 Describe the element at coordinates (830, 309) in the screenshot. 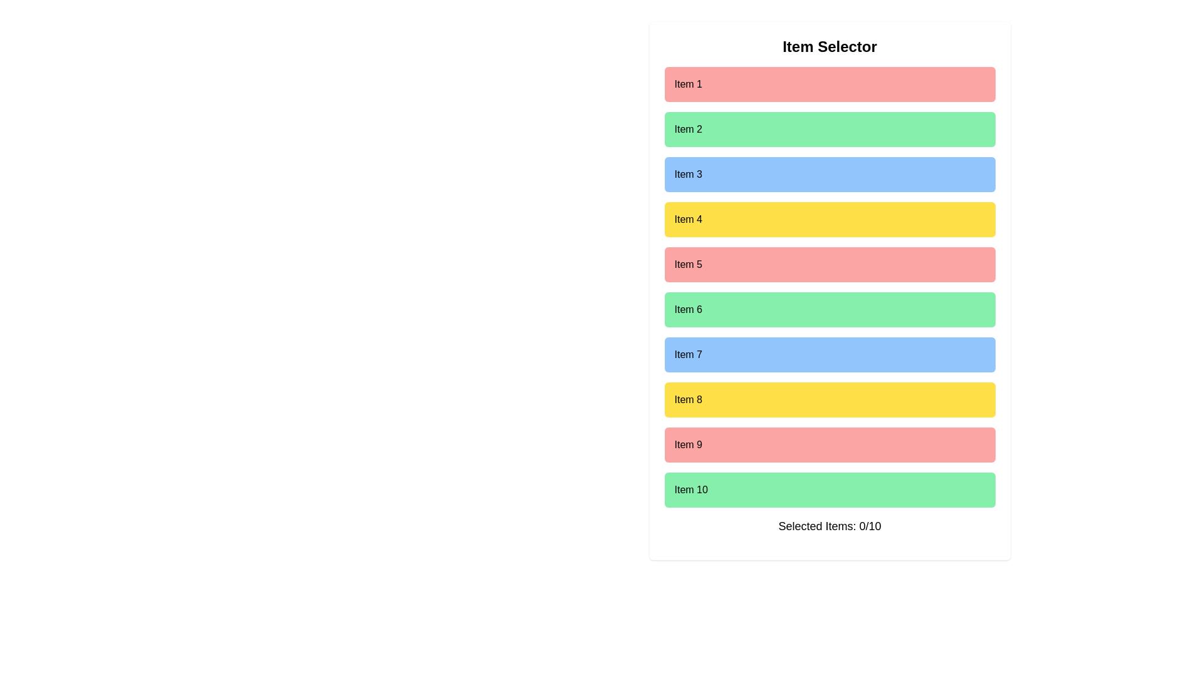

I see `the button labeled 'Item 6' with a green background to trigger the visual scale effect` at that location.